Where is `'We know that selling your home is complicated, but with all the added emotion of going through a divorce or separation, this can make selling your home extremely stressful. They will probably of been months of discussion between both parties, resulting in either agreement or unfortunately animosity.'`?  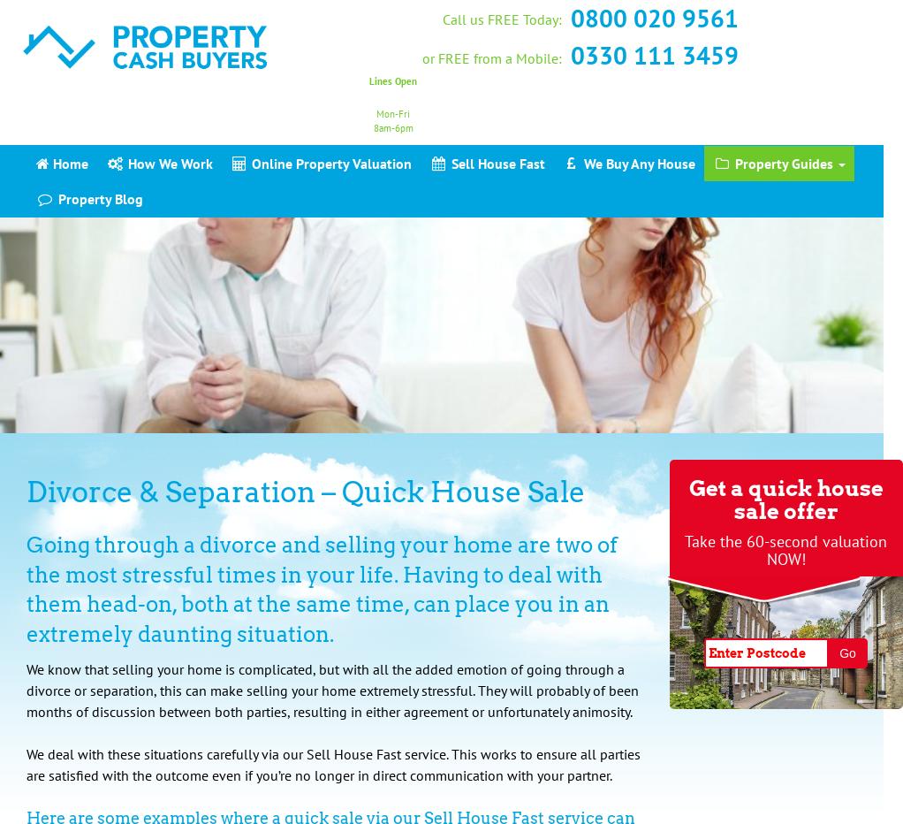 'We know that selling your home is complicated, but with all the added emotion of going through a divorce or separation, this can make selling your home extremely stressful. They will probably of been months of discussion between both parties, resulting in either agreement or unfortunately animosity.' is located at coordinates (331, 689).